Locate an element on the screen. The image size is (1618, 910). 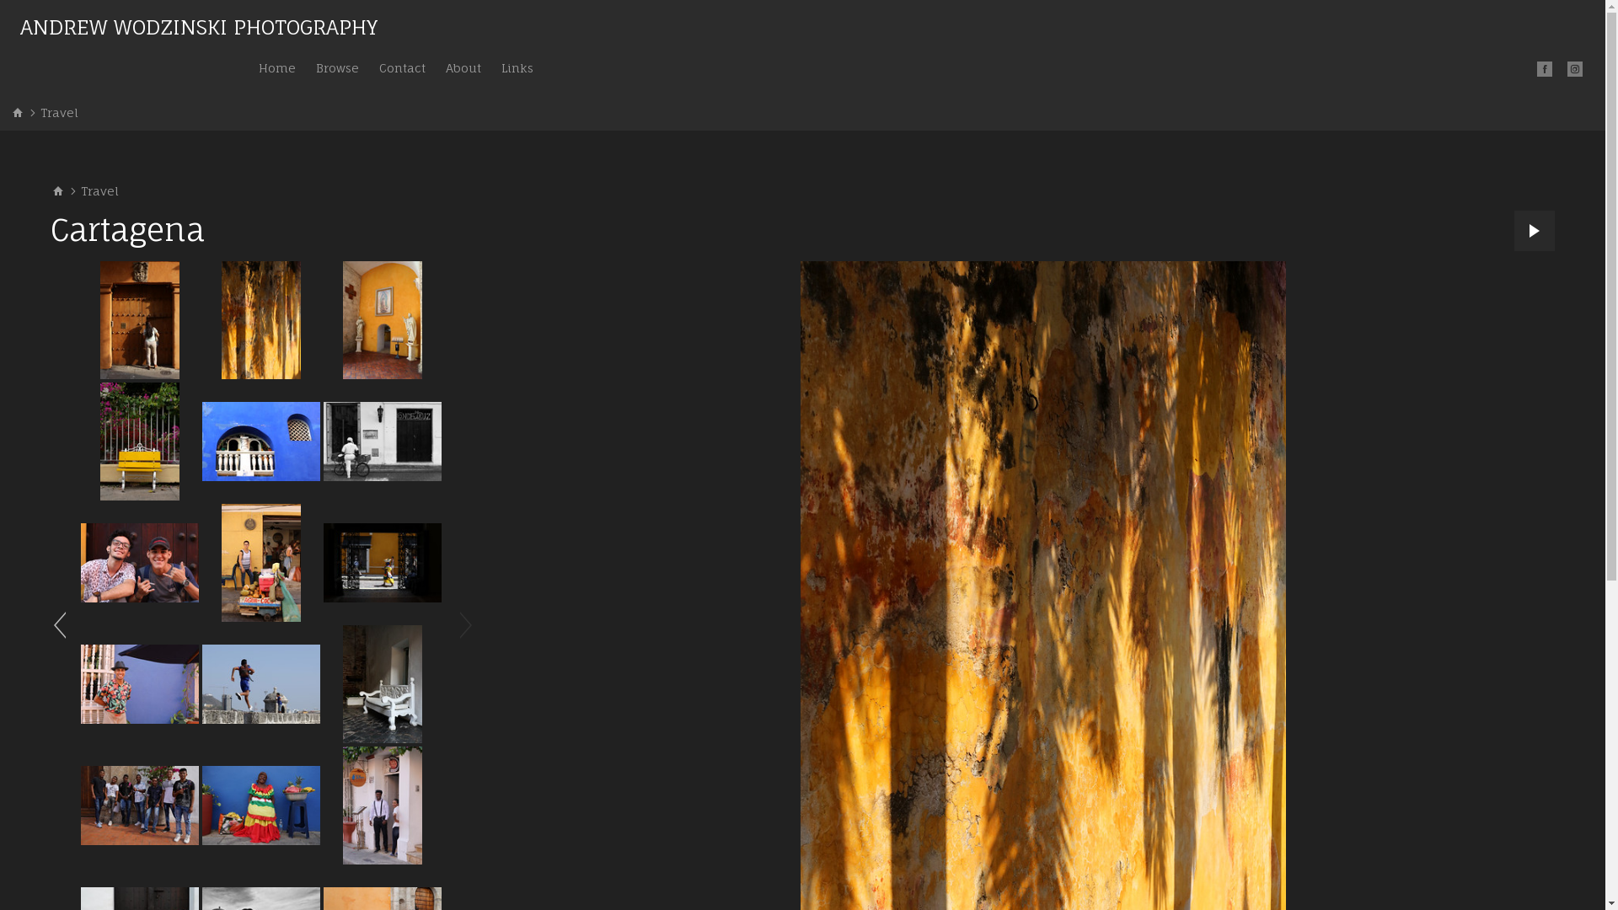
'About' is located at coordinates (463, 67).